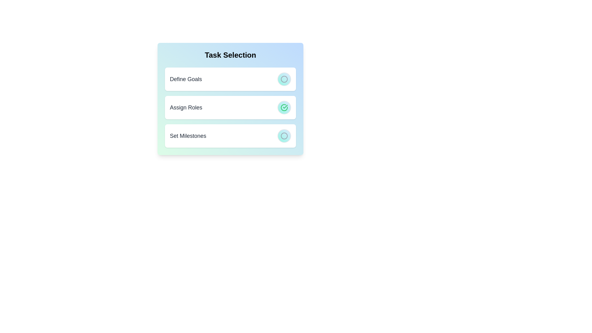  Describe the element at coordinates (230, 79) in the screenshot. I see `the task item Define Goals to observe the hover effect` at that location.